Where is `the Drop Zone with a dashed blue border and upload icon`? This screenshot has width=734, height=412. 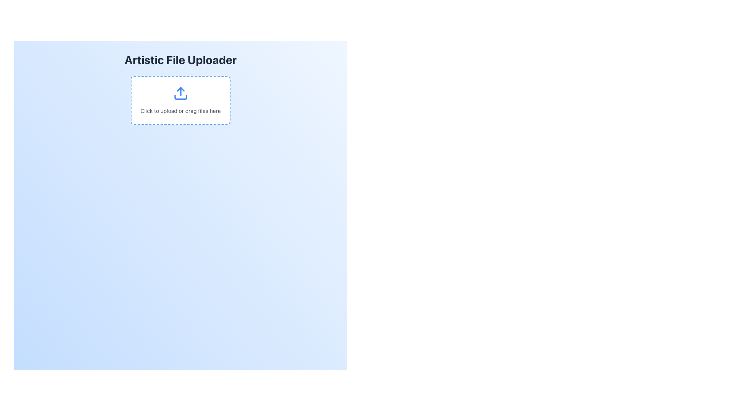
the Drop Zone with a dashed blue border and upload icon is located at coordinates (180, 100).